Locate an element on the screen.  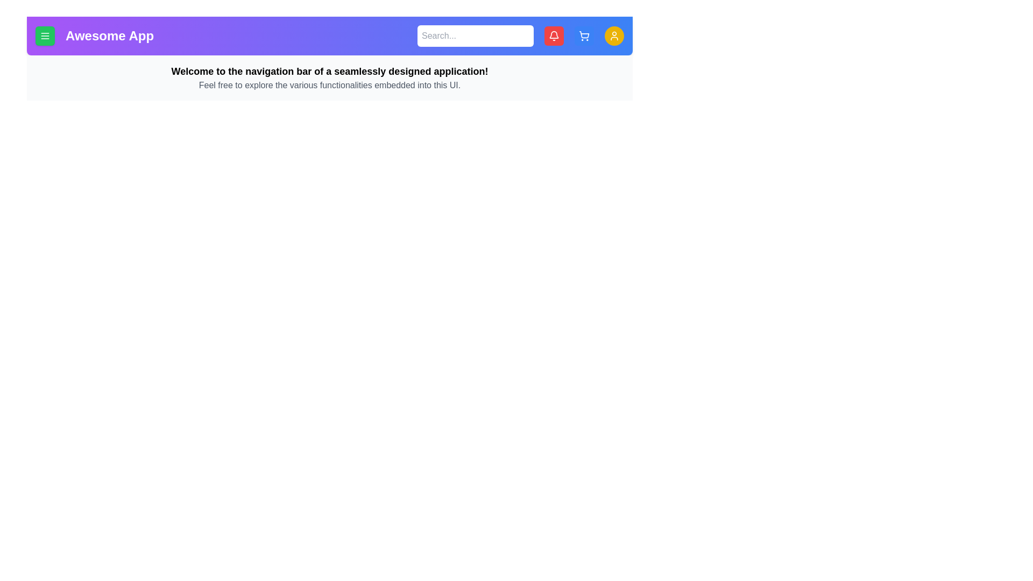
the menu button to open the navigation menu is located at coordinates (44, 35).